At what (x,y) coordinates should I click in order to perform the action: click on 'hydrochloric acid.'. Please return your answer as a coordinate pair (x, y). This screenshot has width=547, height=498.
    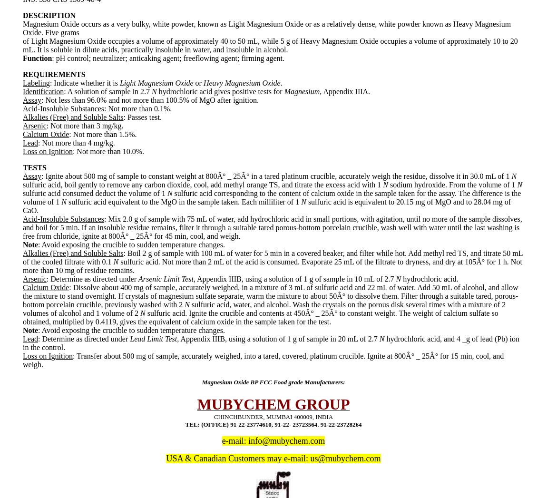
    Looking at the image, I should click on (402, 278).